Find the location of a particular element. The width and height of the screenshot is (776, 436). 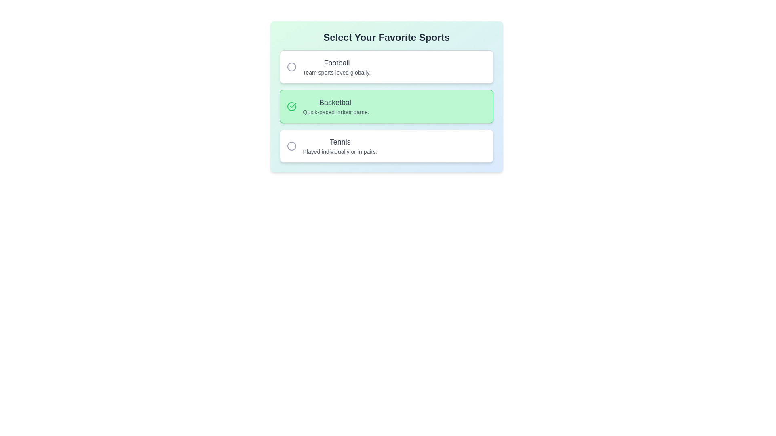

the SVG circle graphic representing the deselected state for the 'Football' option in the selection interface by moving the cursor to its center is located at coordinates (291, 66).